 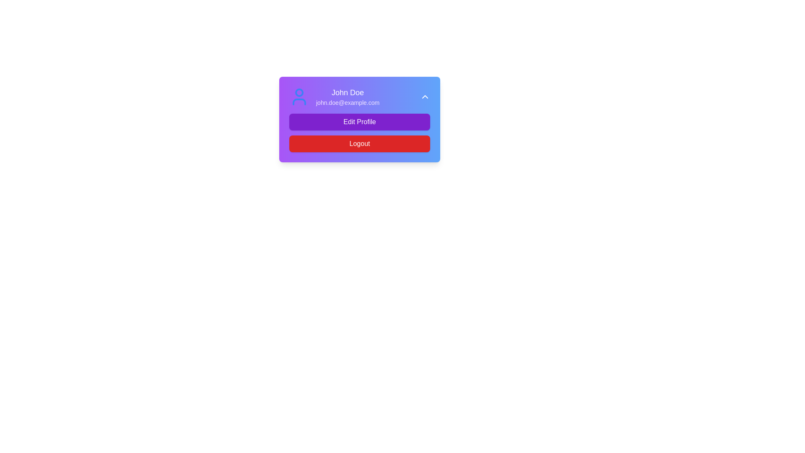 What do you see at coordinates (299, 92) in the screenshot?
I see `SVG circle element with a blue border located within the user profile icon in the top-left corner of the dropdown card for debugging purposes` at bounding box center [299, 92].